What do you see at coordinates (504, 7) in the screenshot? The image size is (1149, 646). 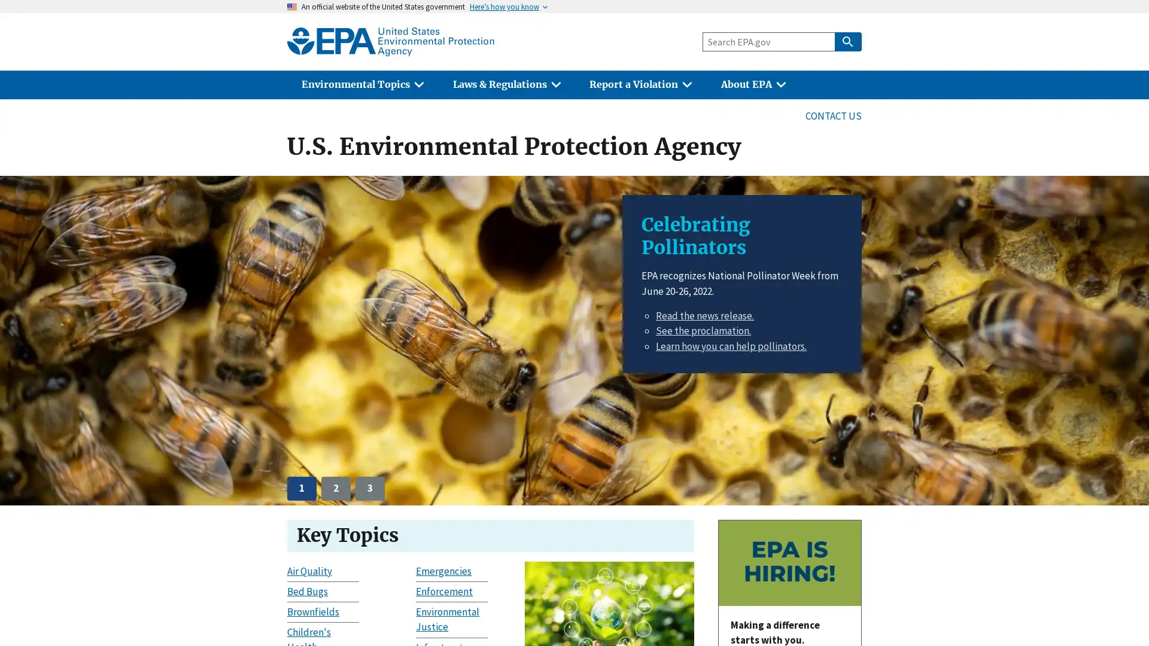 I see `Heres how you know` at bounding box center [504, 7].